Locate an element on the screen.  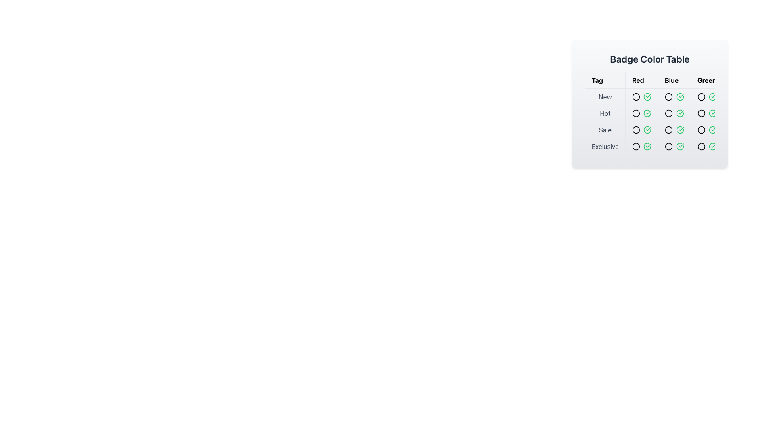
the 'Blue' badge icon in the 'Hot' tag cell, which is located in the second column and second row of the table is located at coordinates (668, 113).